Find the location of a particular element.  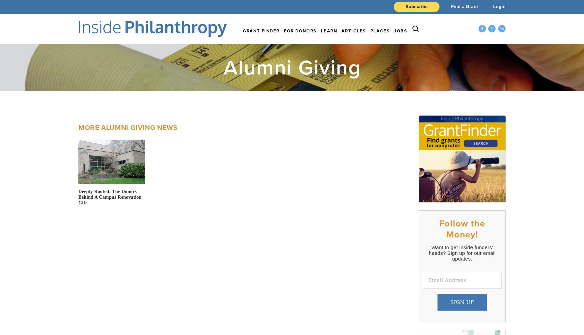

'Follow the Money!' is located at coordinates (439, 229).